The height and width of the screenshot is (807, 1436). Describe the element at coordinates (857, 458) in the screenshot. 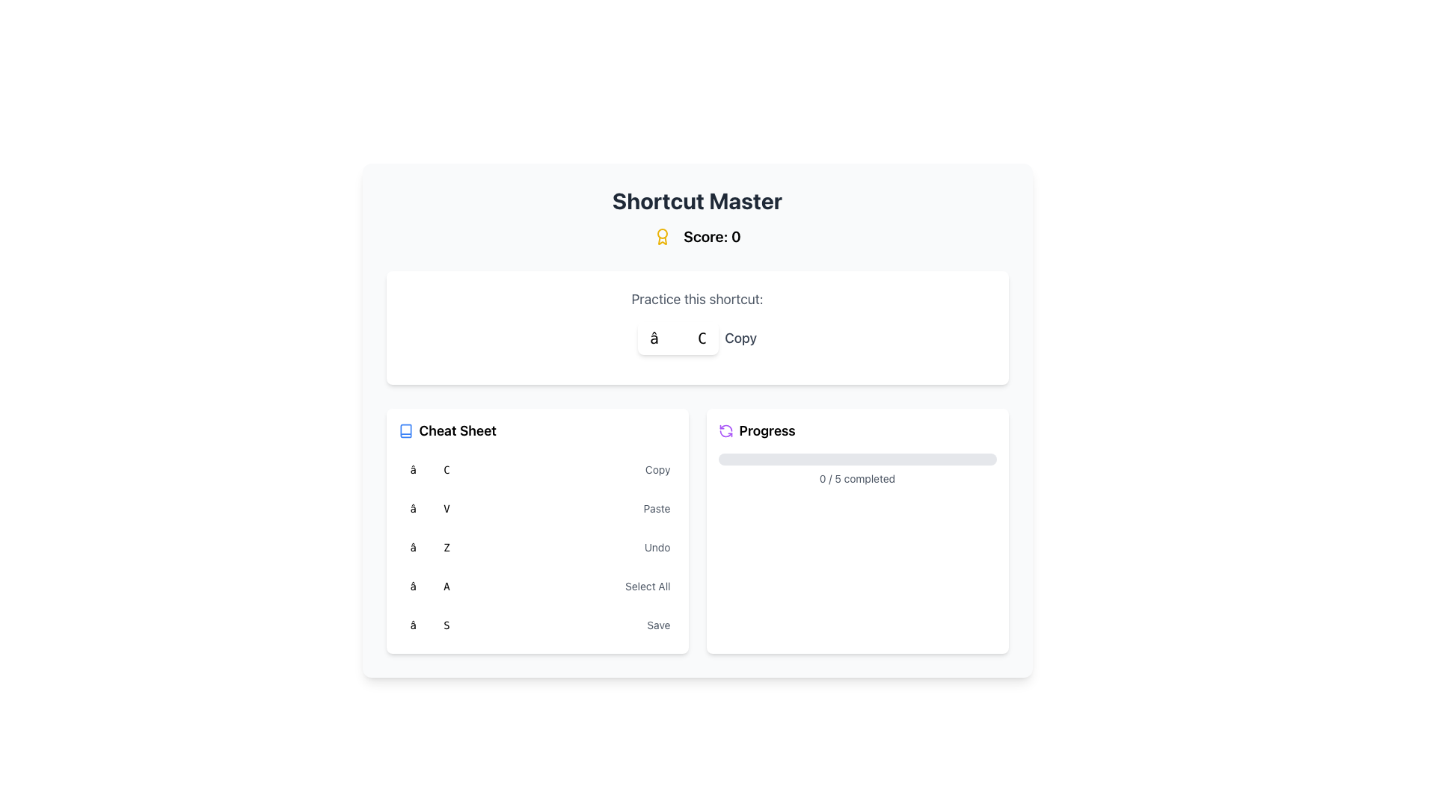

I see `the Progress Bar that visually indicates the completion status of a task, located at the center of the 'Progress' card below the title and above the text '0 / 5 completed'` at that location.